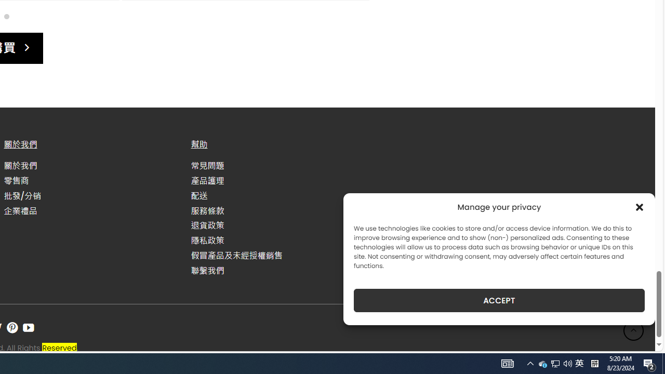 This screenshot has height=374, width=665. Describe the element at coordinates (499, 300) in the screenshot. I see `'ACCEPT'` at that location.